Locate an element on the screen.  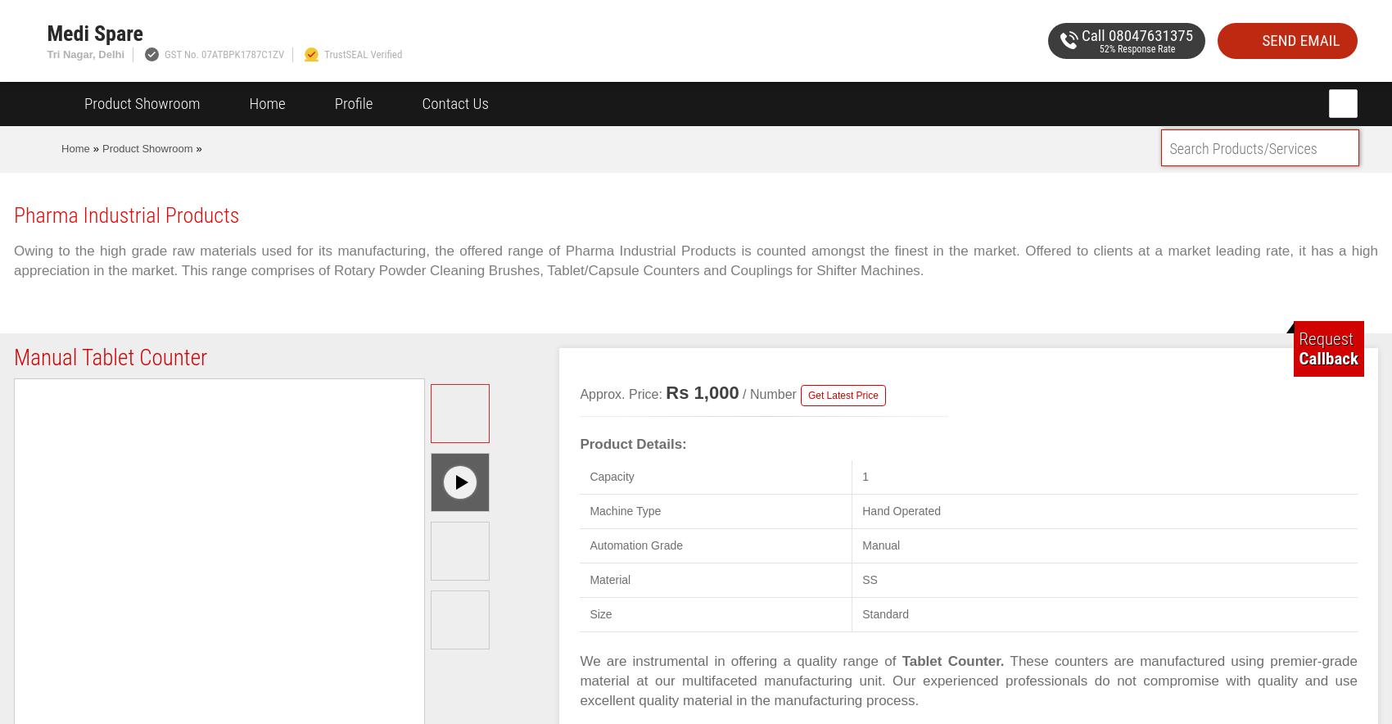
'GST No.' is located at coordinates (183, 53).